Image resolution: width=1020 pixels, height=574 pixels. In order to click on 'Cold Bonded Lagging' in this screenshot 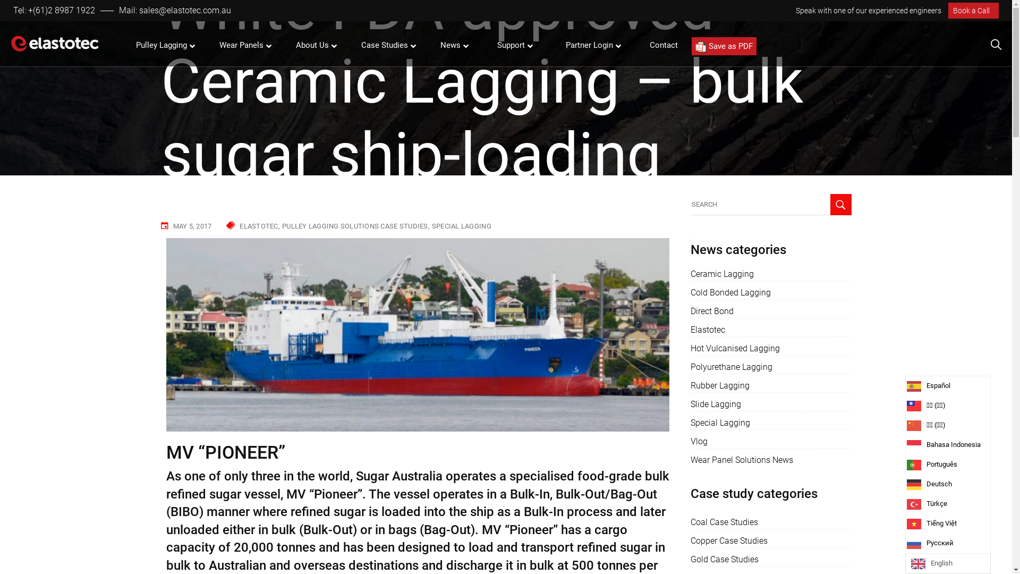, I will do `click(730, 293)`.